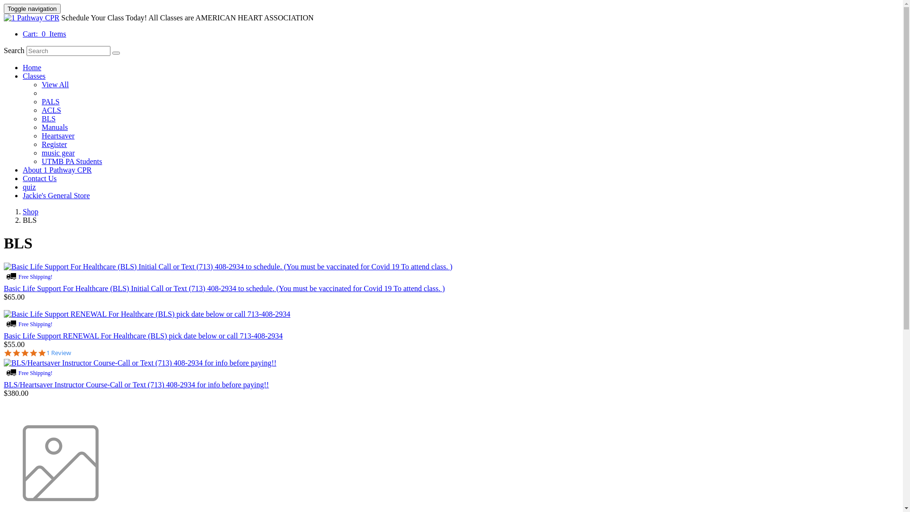 This screenshot has height=512, width=910. I want to click on '1 Review', so click(58, 353).